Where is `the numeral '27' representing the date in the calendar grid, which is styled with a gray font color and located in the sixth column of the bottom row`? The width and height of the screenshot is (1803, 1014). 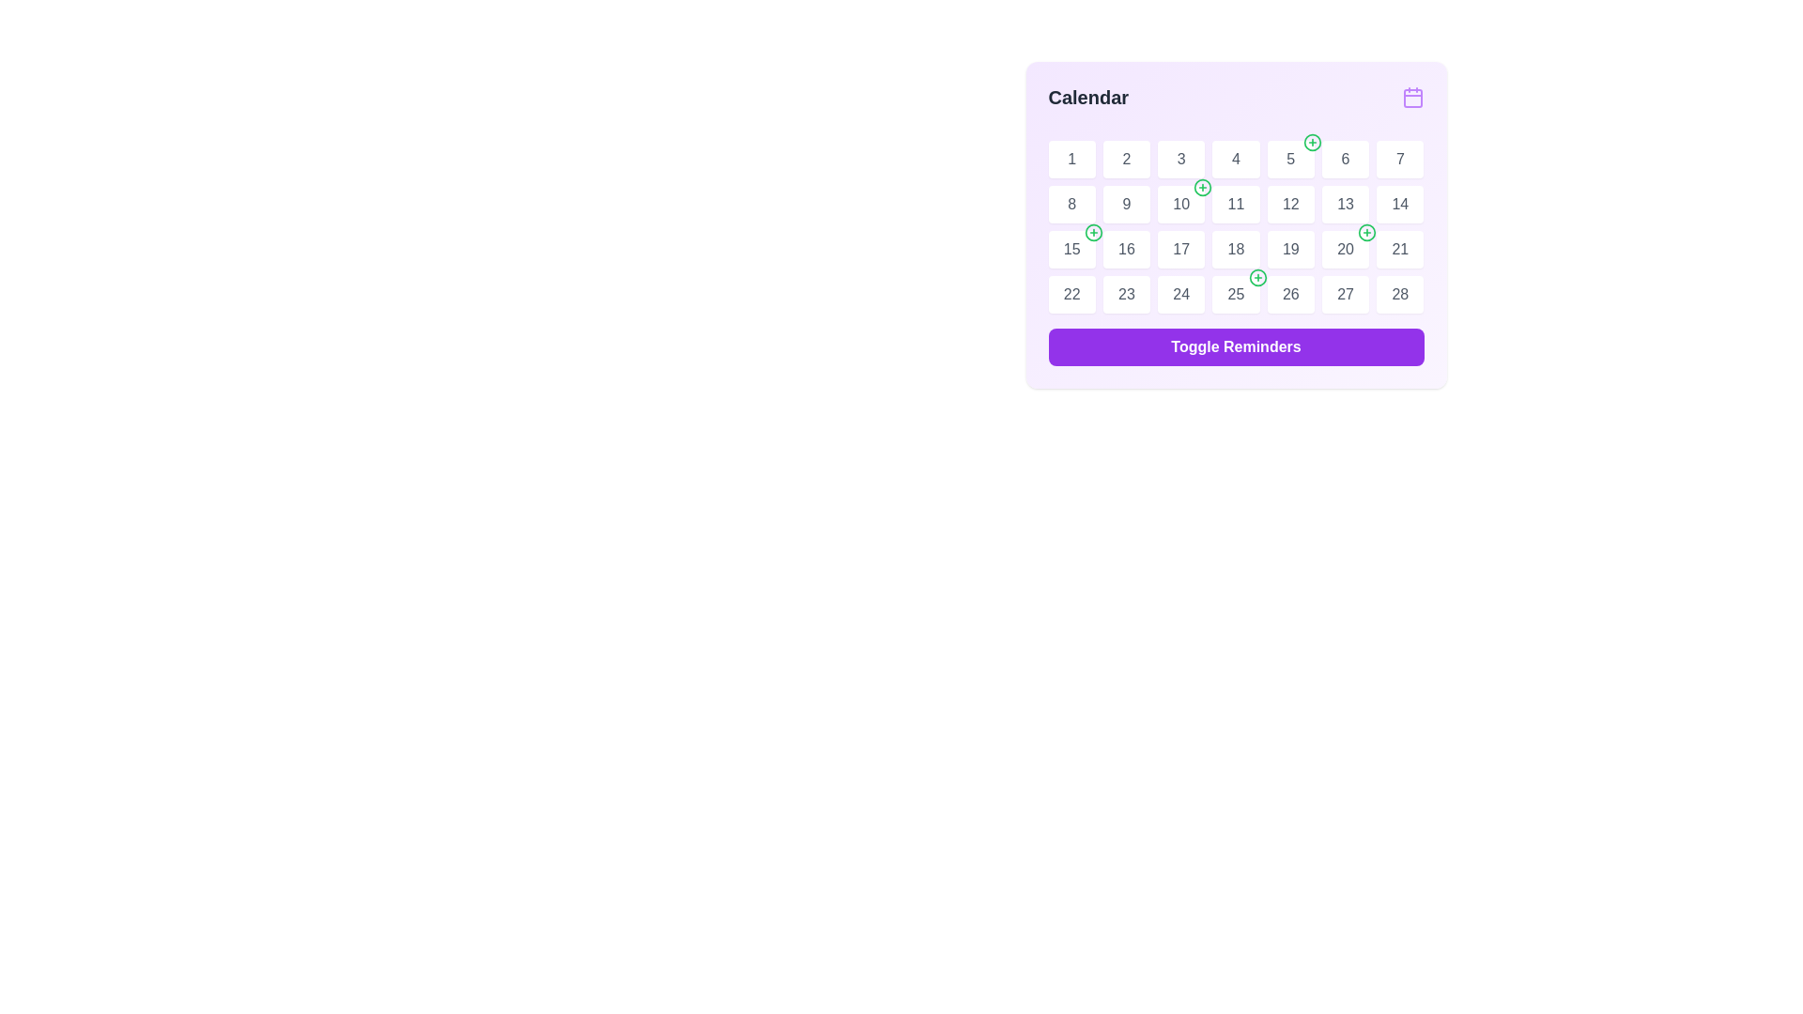 the numeral '27' representing the date in the calendar grid, which is styled with a gray font color and located in the sixth column of the bottom row is located at coordinates (1345, 294).